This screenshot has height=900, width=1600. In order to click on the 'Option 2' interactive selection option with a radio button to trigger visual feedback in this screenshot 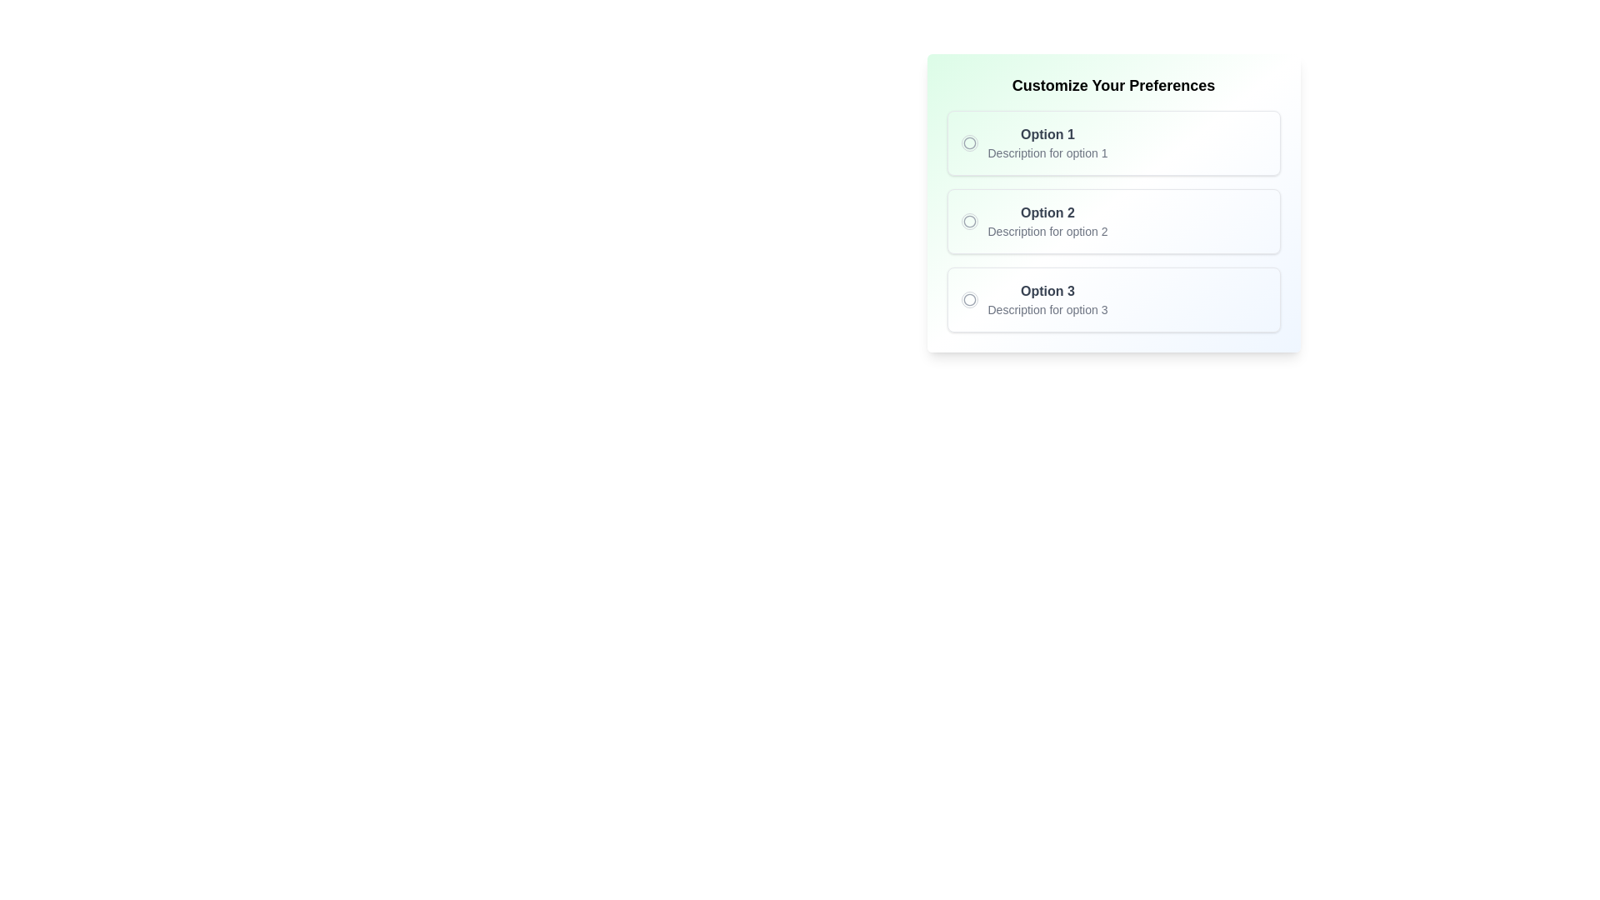, I will do `click(1113, 221)`.